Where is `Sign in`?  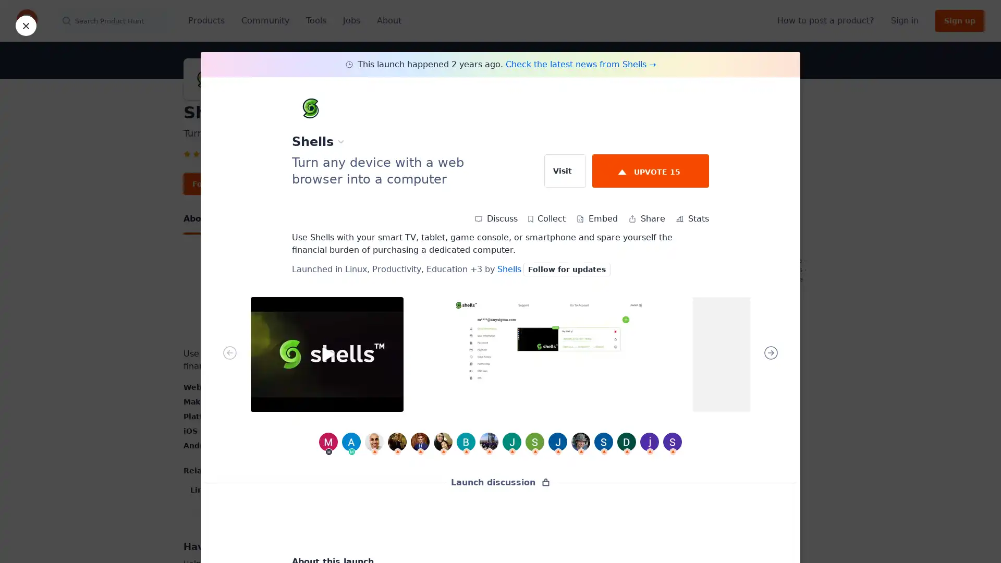 Sign in is located at coordinates (904, 20).